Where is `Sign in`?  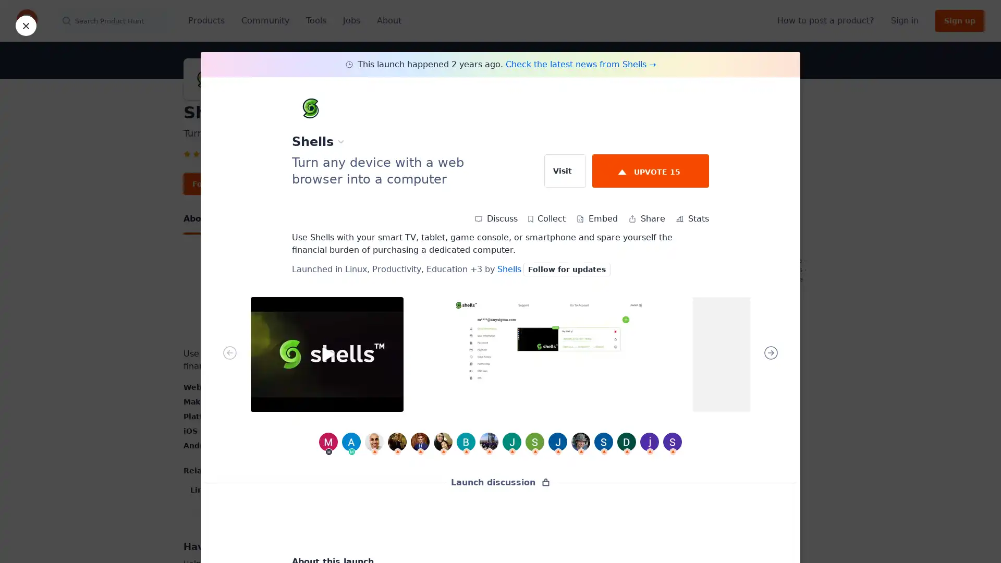 Sign in is located at coordinates (904, 20).